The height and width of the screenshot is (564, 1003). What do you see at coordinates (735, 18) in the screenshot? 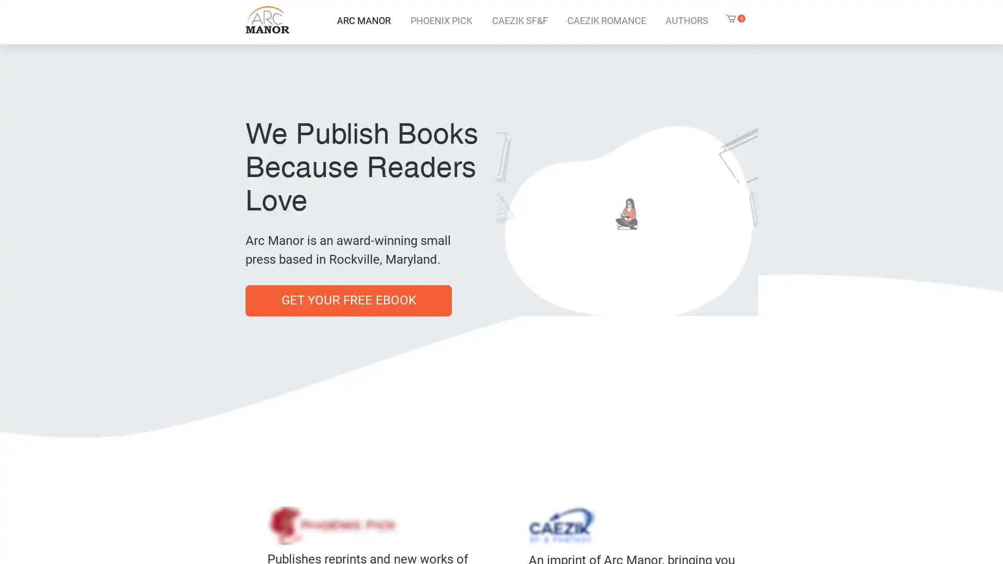
I see `Cart with 0 items` at bounding box center [735, 18].